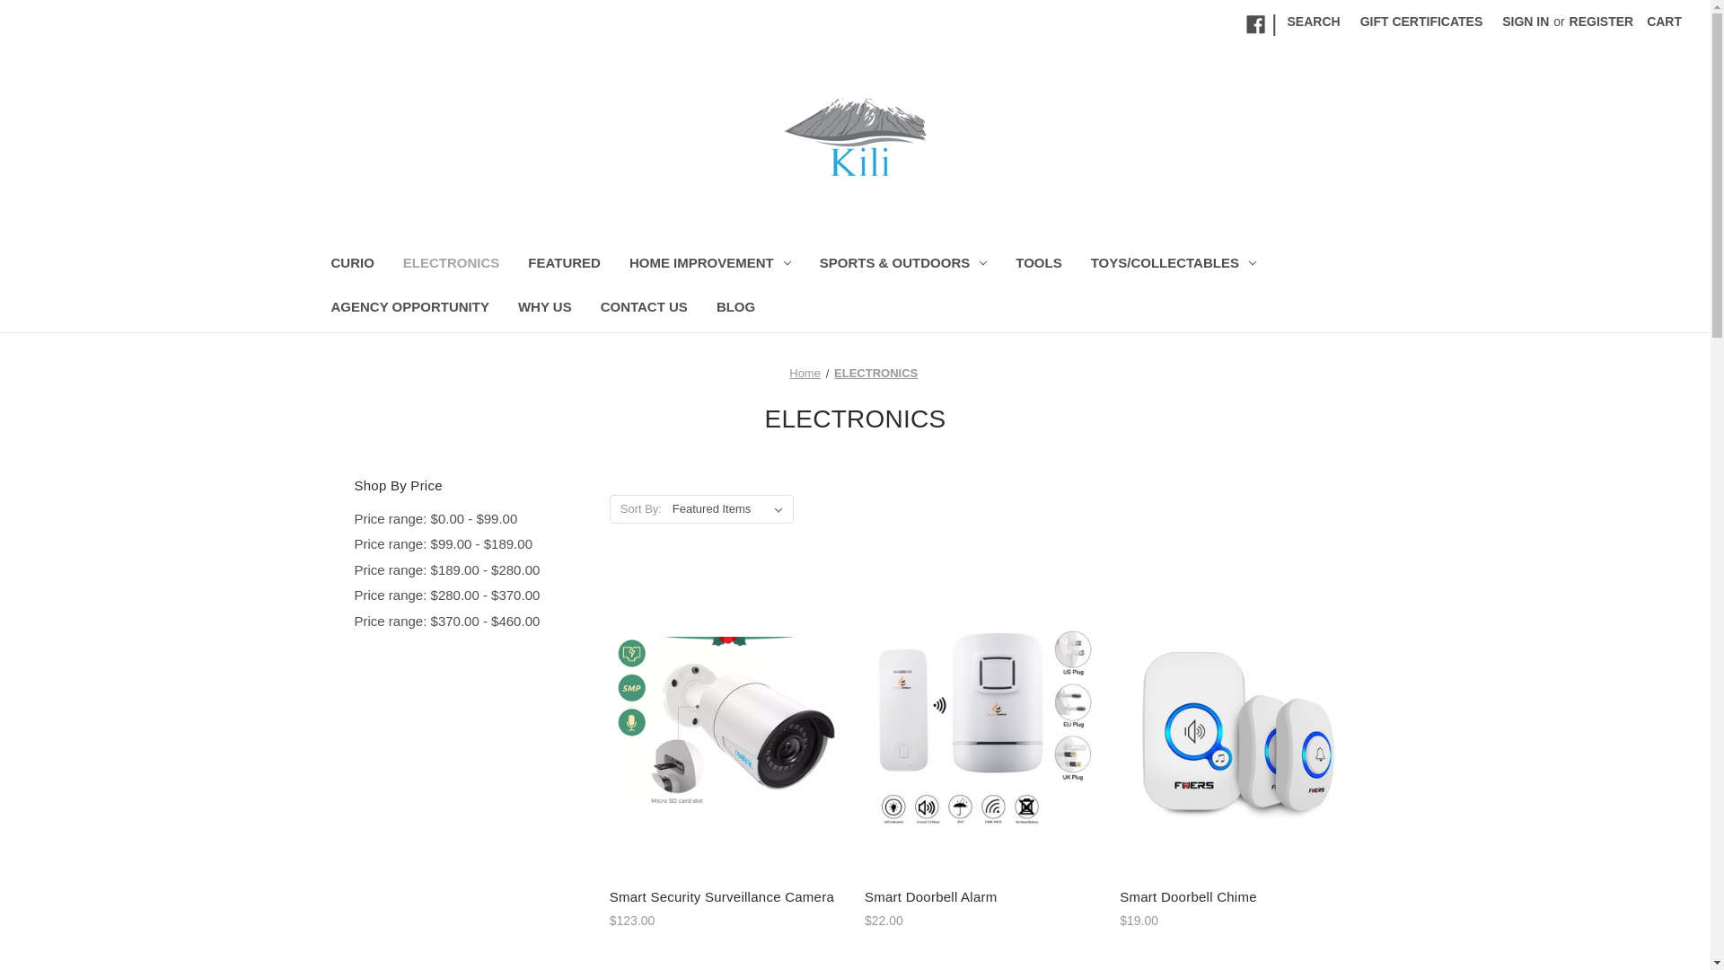 The image size is (1724, 970). I want to click on 'SIGN IN', so click(1525, 22).